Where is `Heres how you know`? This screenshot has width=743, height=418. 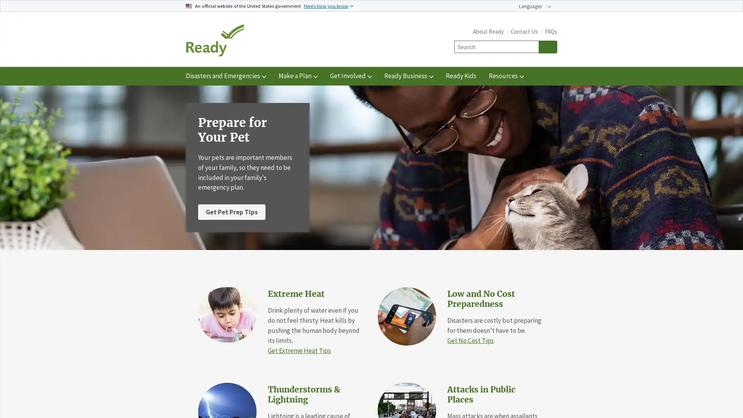 Heres how you know is located at coordinates (329, 5).